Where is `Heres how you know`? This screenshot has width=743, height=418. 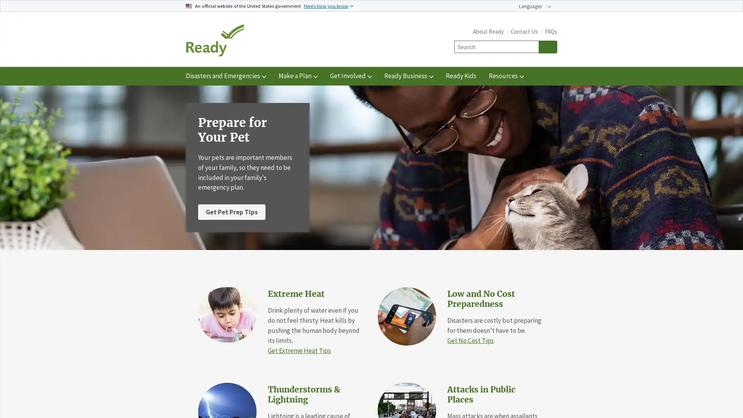 Heres how you know is located at coordinates (329, 5).